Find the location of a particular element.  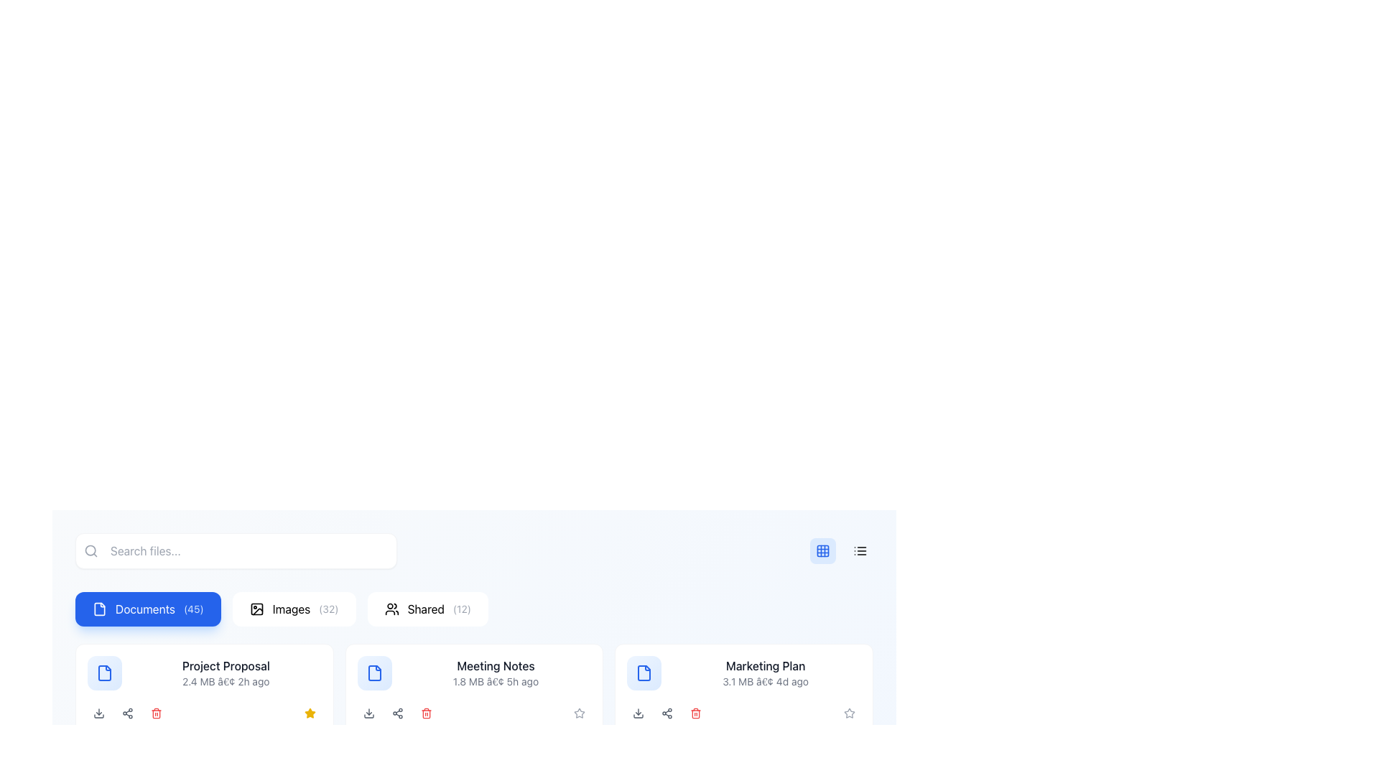

the file icon representing the 'Documents' section, which is positioned to the left of the text 'Documents (45)' in the top-left corner of the button is located at coordinates (99, 609).